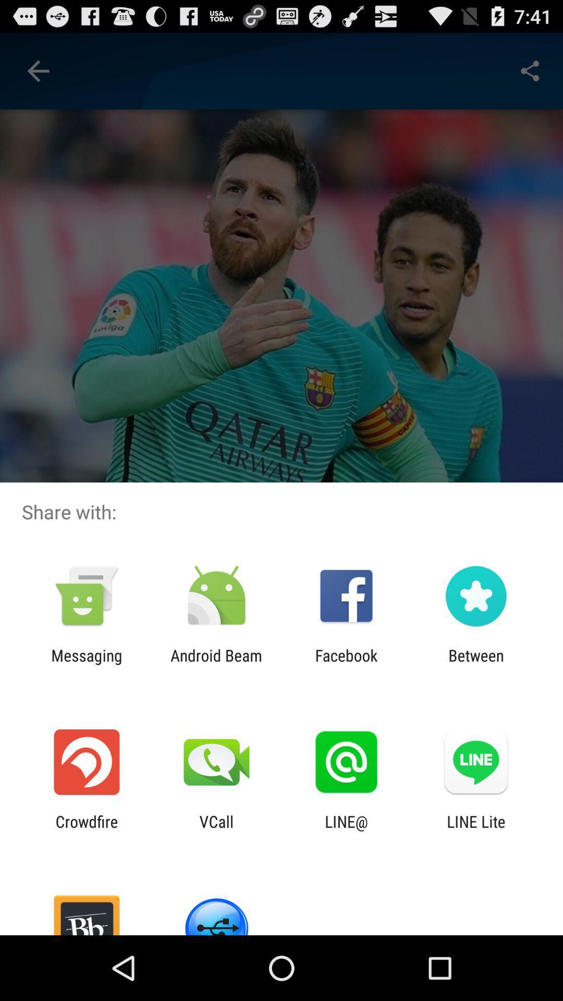 Image resolution: width=563 pixels, height=1001 pixels. Describe the element at coordinates (86, 664) in the screenshot. I see `item next to the android beam` at that location.